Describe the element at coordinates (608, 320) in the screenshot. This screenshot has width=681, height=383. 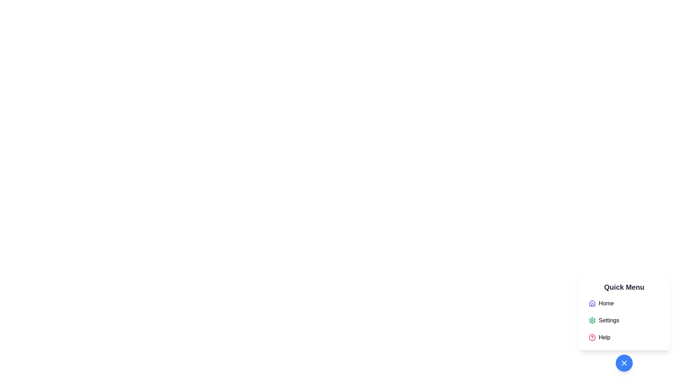
I see `the 'Settings' text label in the quick menu panel` at that location.